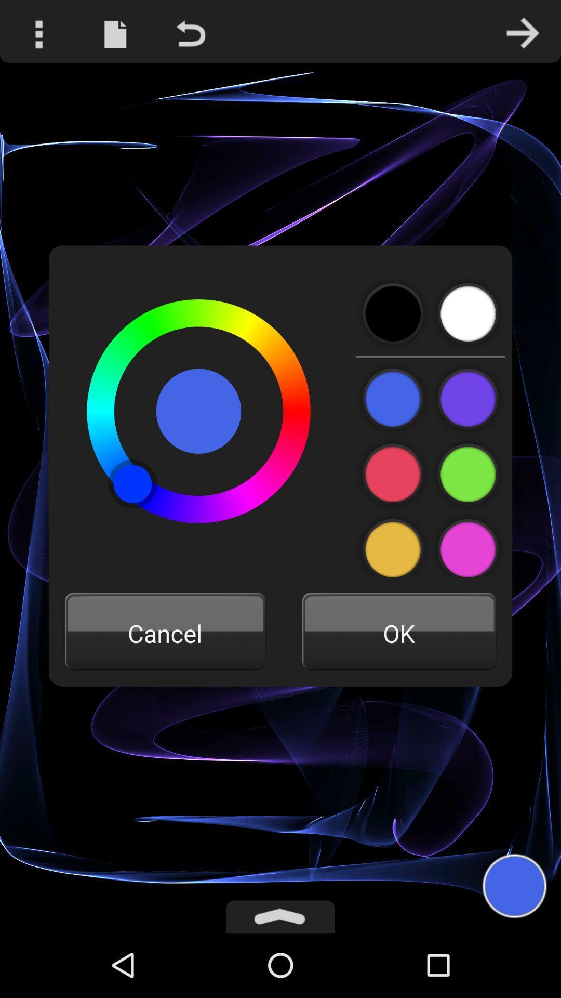 This screenshot has height=998, width=561. What do you see at coordinates (393, 313) in the screenshot?
I see `black colour` at bounding box center [393, 313].